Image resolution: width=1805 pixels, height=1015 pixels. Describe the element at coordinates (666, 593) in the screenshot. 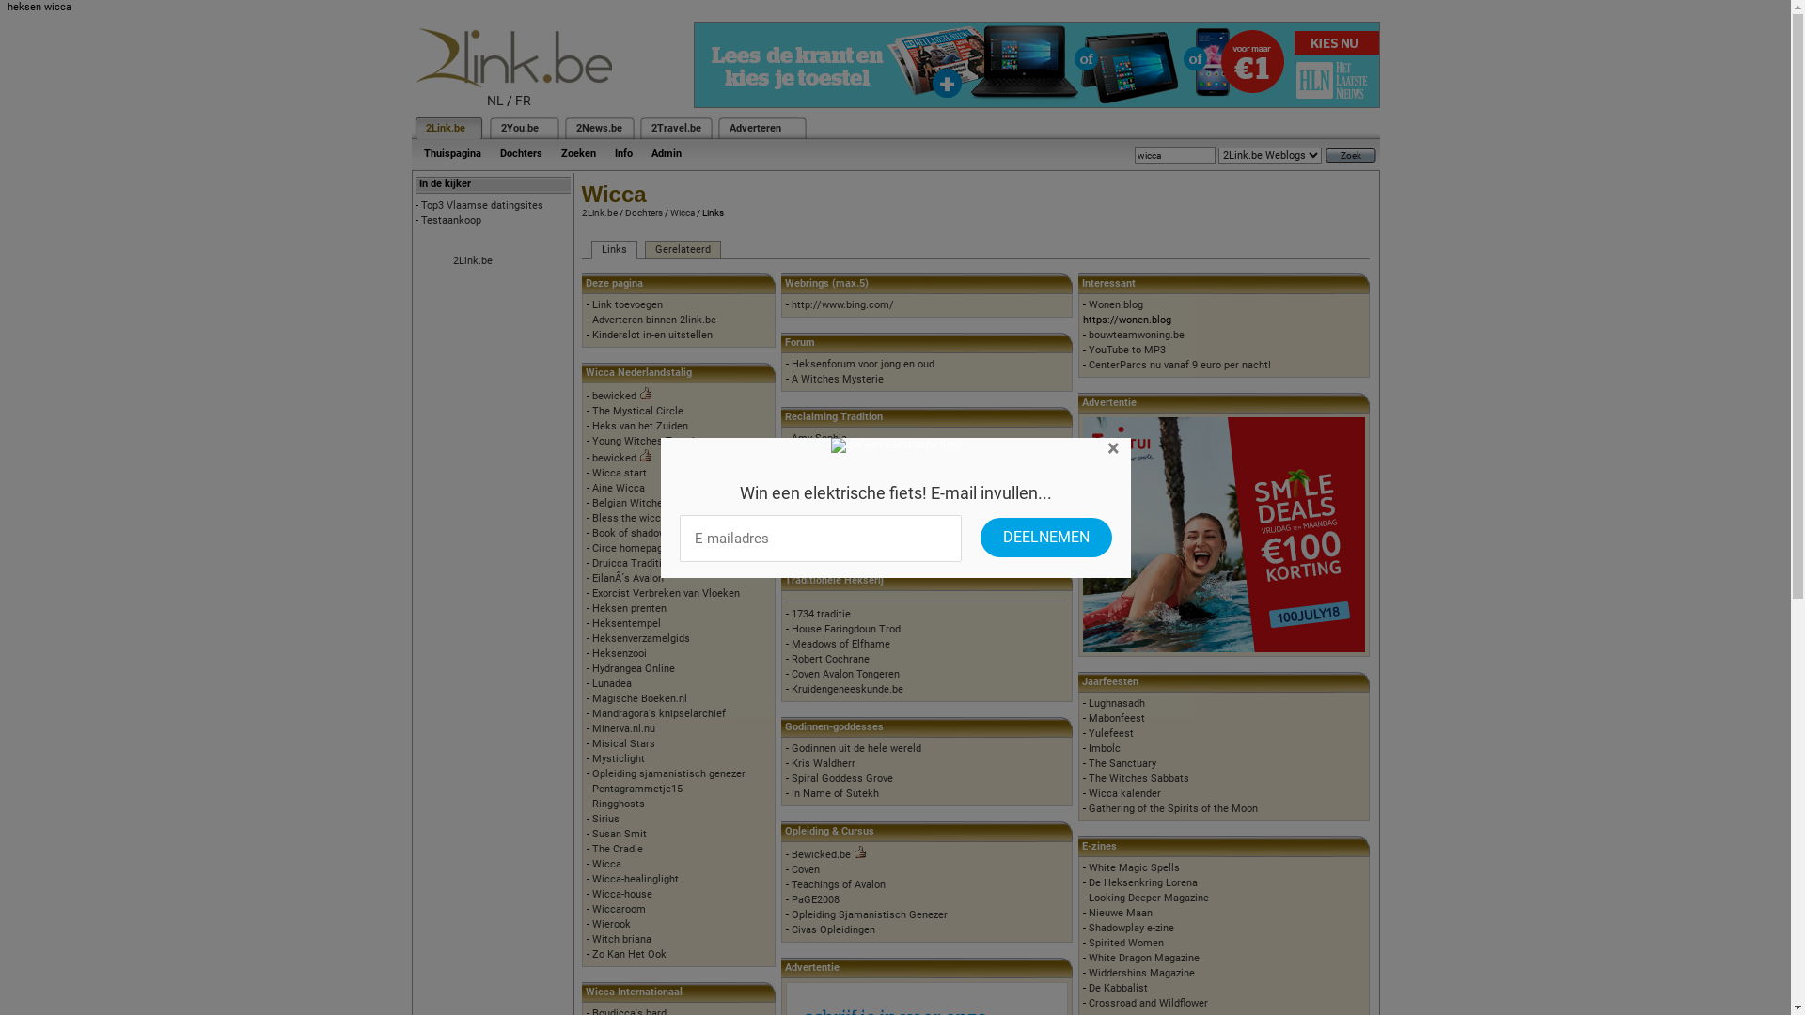

I see `'Exorcist Verbreken van Vloeken'` at that location.